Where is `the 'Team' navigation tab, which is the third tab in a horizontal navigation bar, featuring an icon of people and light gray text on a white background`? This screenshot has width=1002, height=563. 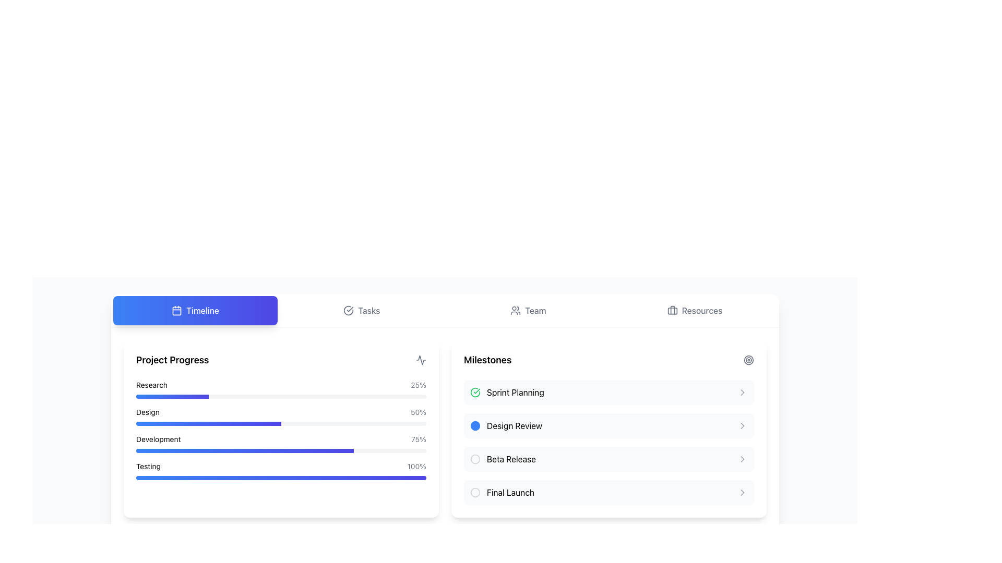 the 'Team' navigation tab, which is the third tab in a horizontal navigation bar, featuring an icon of people and light gray text on a white background is located at coordinates (528, 310).